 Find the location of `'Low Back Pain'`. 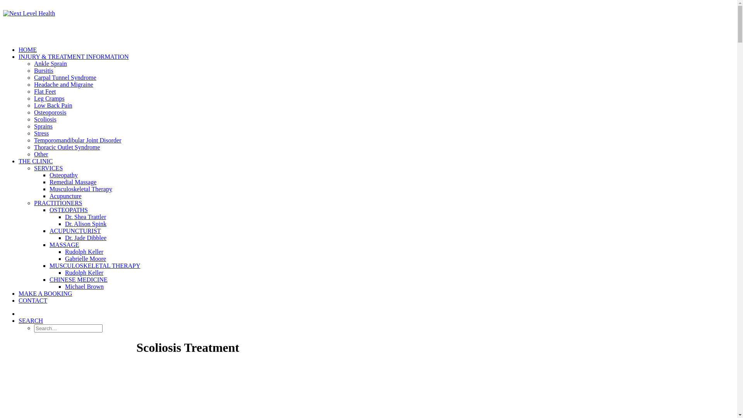

'Low Back Pain' is located at coordinates (53, 105).